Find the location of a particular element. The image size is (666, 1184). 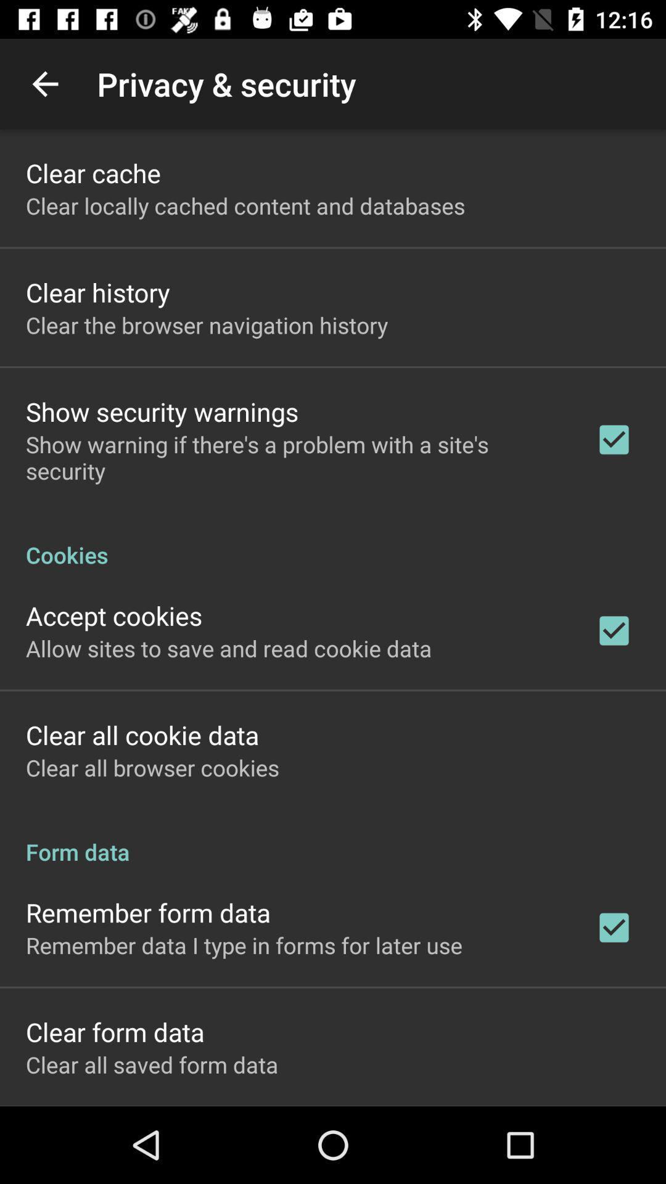

app below the accept cookies item is located at coordinates (229, 647).